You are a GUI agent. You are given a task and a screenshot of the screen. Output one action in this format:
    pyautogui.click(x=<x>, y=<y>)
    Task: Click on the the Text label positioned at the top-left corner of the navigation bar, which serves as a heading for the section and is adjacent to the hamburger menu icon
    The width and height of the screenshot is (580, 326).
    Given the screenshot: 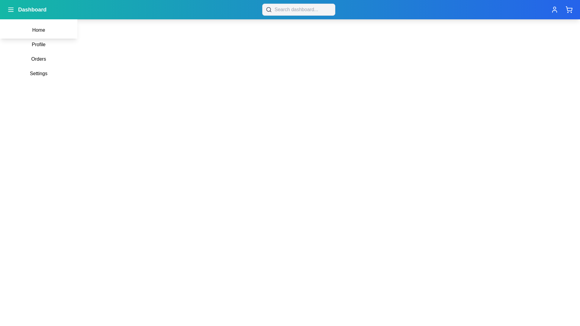 What is the action you would take?
    pyautogui.click(x=27, y=9)
    